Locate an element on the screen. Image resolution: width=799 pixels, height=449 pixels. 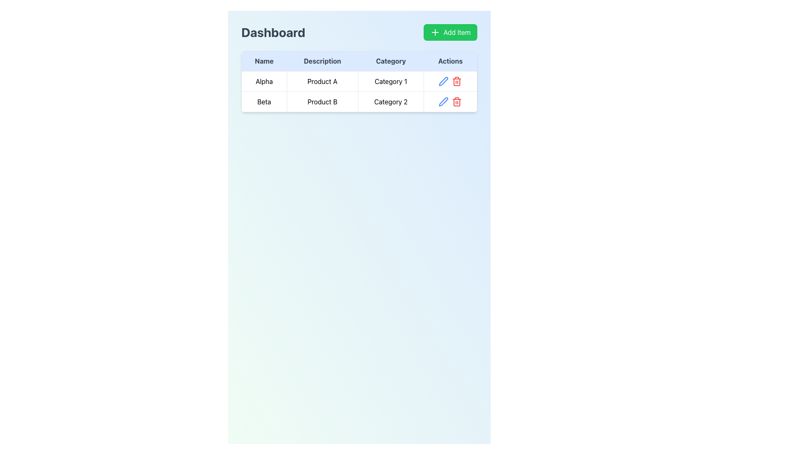
the fourth column header of the table, which serves as a visual label indicating actions like editing or deleting items is located at coordinates (450, 60).